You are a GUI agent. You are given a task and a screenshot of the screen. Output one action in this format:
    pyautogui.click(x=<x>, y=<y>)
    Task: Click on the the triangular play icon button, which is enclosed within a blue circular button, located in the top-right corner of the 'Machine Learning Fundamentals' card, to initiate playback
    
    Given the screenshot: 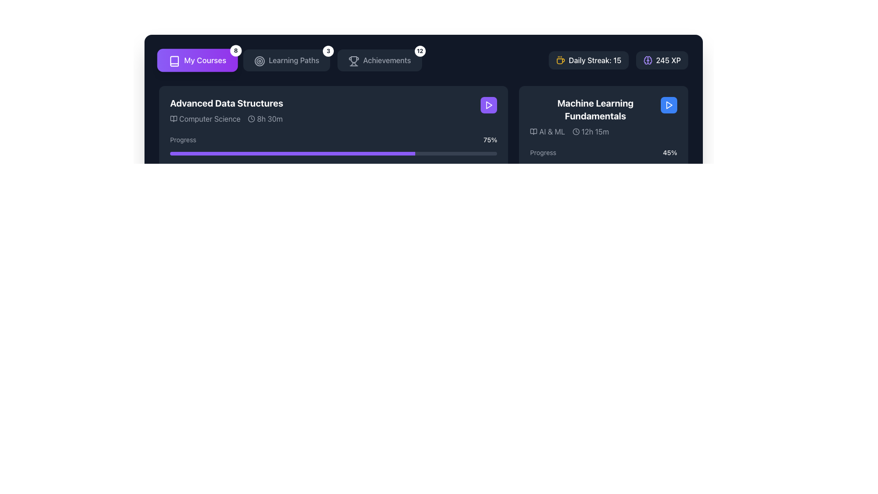 What is the action you would take?
    pyautogui.click(x=669, y=105)
    